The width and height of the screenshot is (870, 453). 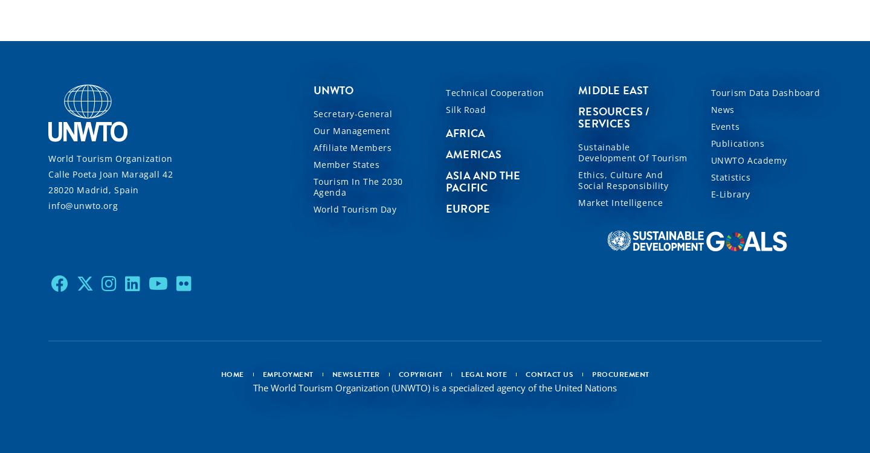 What do you see at coordinates (494, 92) in the screenshot?
I see `'Technical Cooperation'` at bounding box center [494, 92].